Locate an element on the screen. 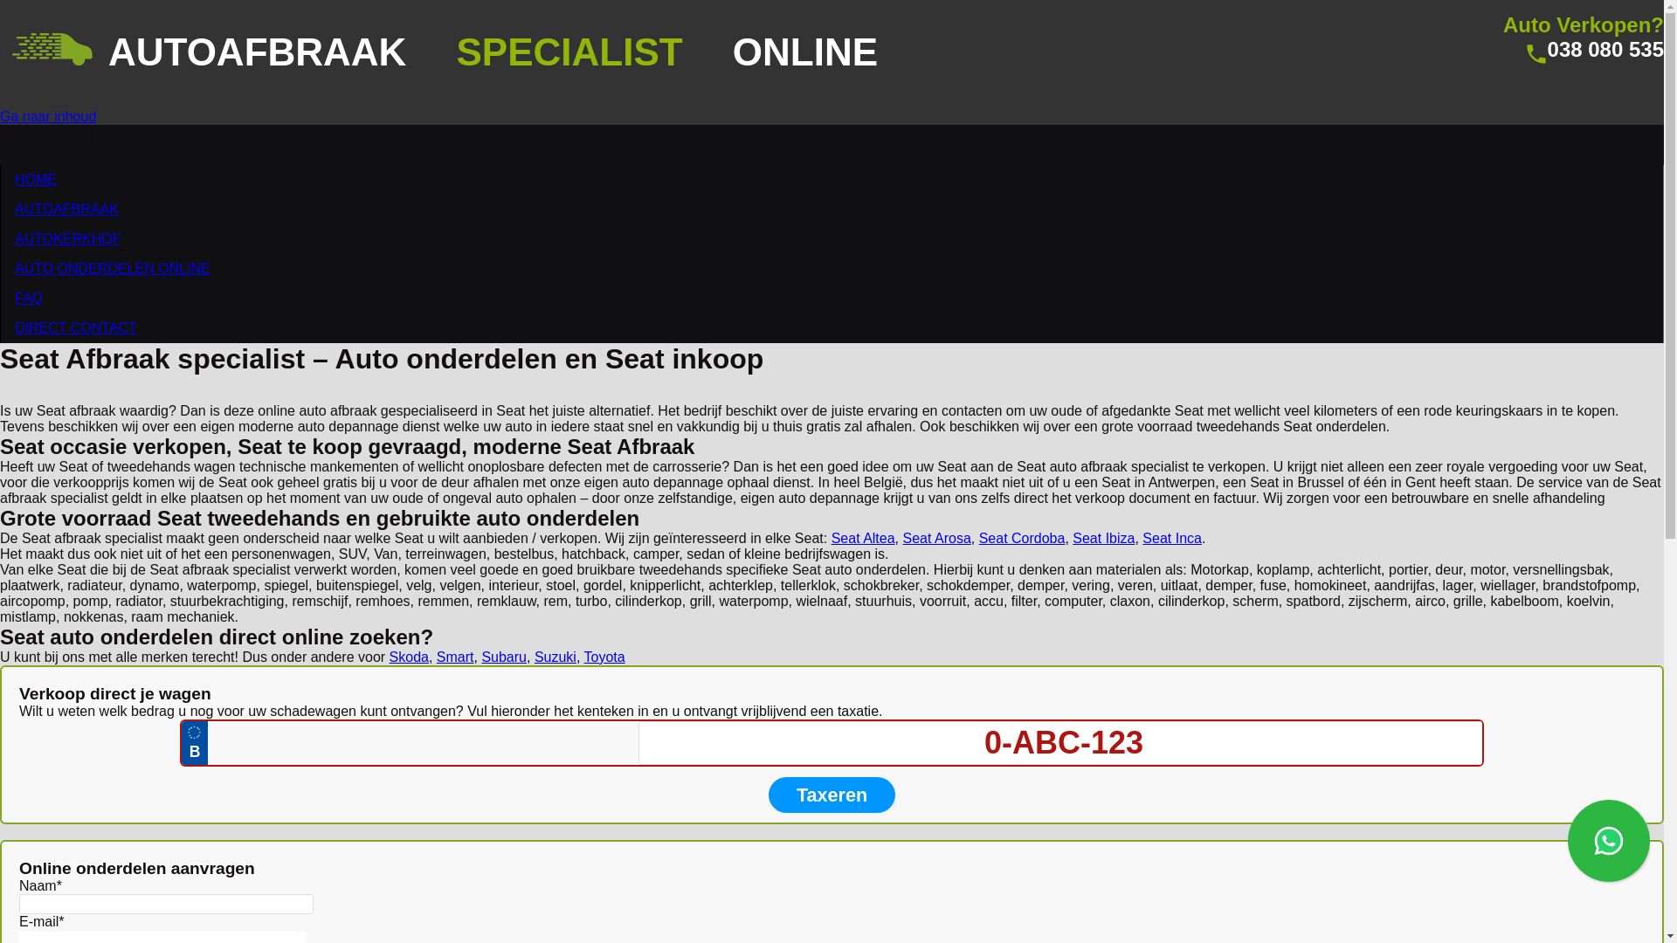 The image size is (1677, 943). 'Seat Arosa' is located at coordinates (902, 537).